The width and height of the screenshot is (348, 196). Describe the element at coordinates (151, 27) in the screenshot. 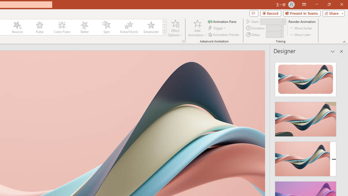

I see `'Desaturate'` at that location.